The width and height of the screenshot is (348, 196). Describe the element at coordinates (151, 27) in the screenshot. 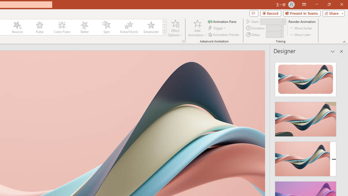

I see `'Desaturate'` at that location.